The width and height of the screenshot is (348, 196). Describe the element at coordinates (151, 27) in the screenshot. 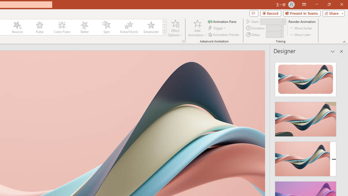

I see `'Desaturate'` at that location.